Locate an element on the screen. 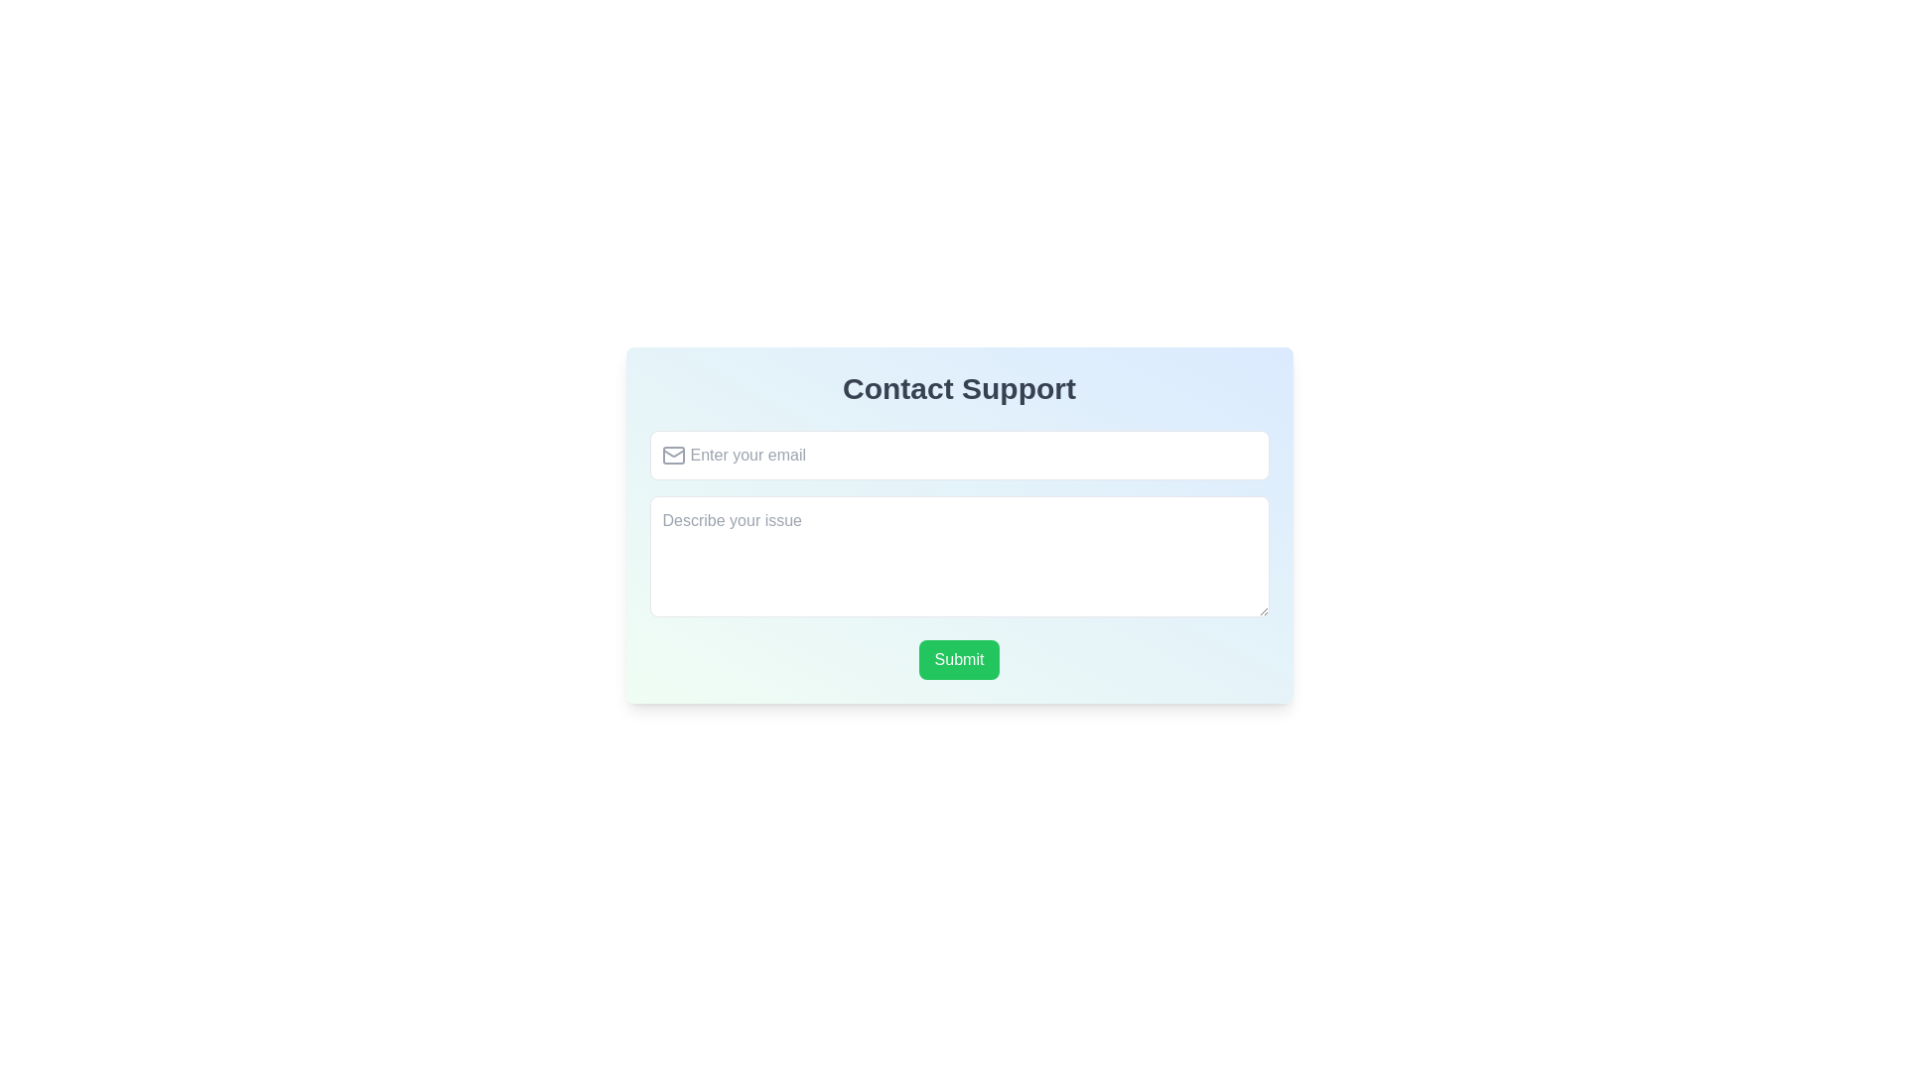  the email icon located to the left of the email input field in the 'Contact Support' form is located at coordinates (673, 456).